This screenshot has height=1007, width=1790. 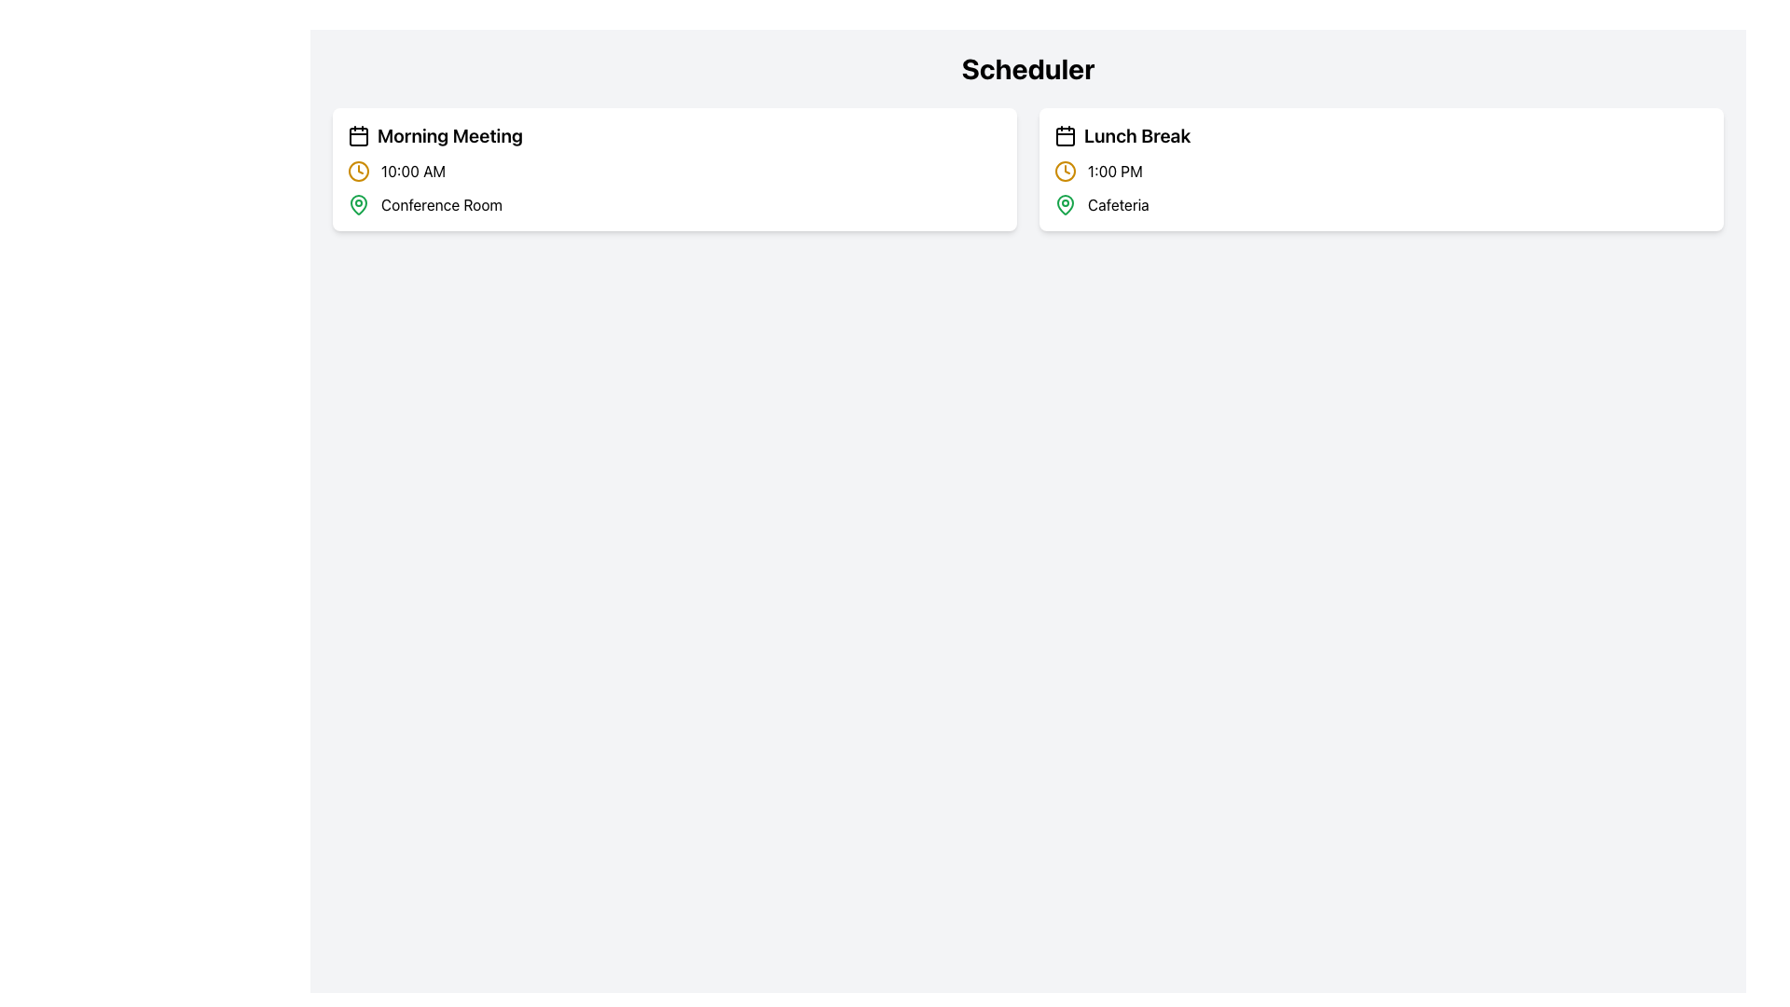 What do you see at coordinates (358, 172) in the screenshot?
I see `the clock face graphical element represented as a circle in the SVG, located in the first item of the scheduler view, next to the time text '10:00 AM' under the title 'Morning Meeting'` at bounding box center [358, 172].